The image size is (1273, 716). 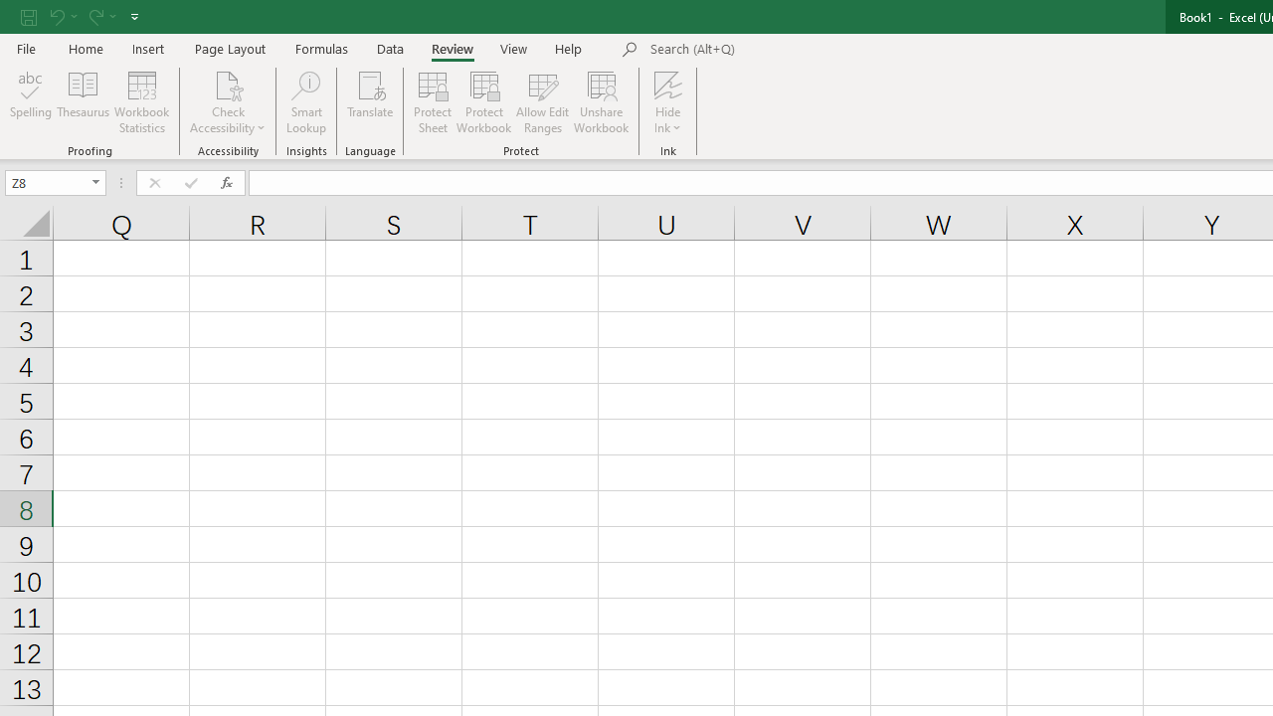 What do you see at coordinates (432, 102) in the screenshot?
I see `'Protect Sheet...'` at bounding box center [432, 102].